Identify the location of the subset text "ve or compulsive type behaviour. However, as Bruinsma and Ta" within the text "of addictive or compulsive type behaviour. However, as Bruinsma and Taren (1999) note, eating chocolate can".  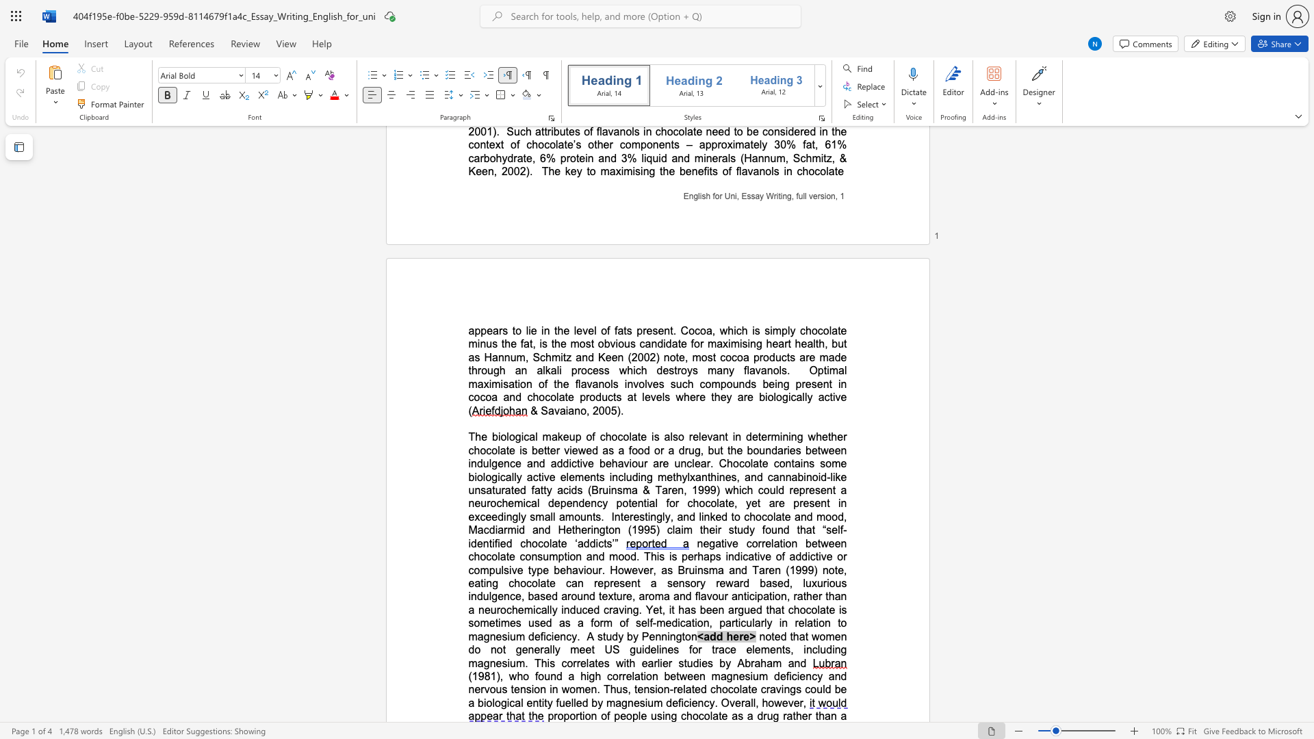
(821, 556).